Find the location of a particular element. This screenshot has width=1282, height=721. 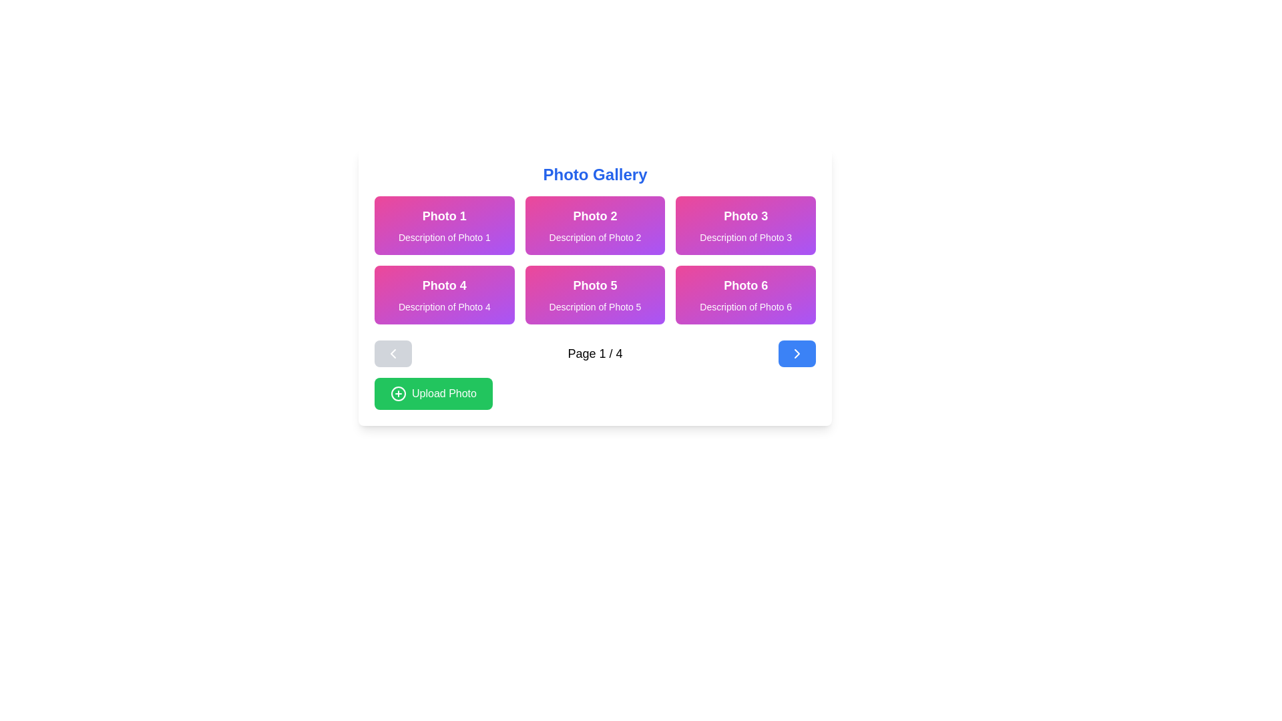

the fourth informational card in the grid layout which displays a photo or item title and description, located in the bottom-left corner of the grid is located at coordinates (444, 294).